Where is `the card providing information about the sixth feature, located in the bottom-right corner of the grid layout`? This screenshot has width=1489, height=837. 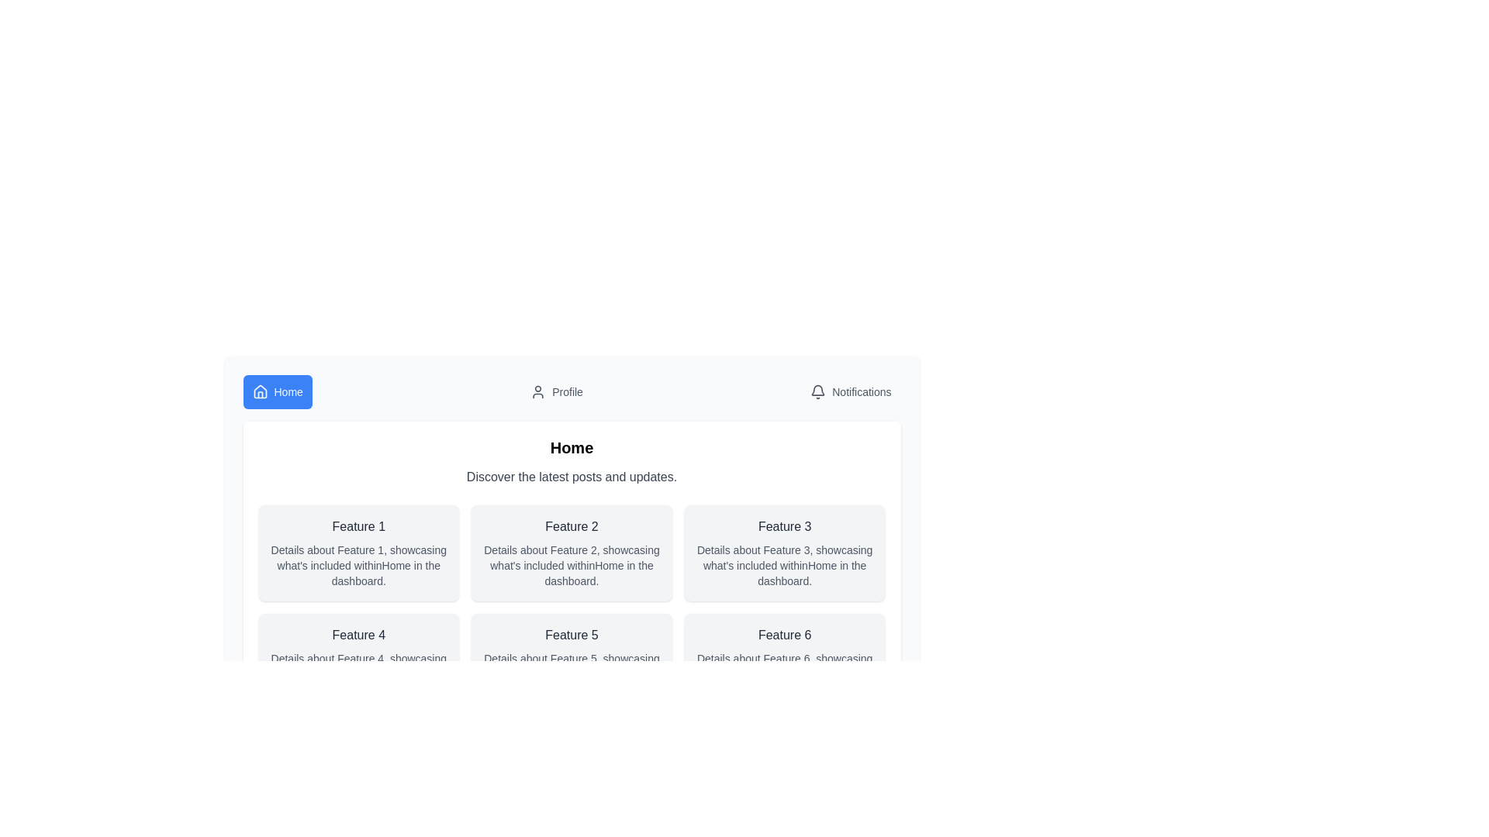
the card providing information about the sixth feature, located in the bottom-right corner of the grid layout is located at coordinates (785, 661).